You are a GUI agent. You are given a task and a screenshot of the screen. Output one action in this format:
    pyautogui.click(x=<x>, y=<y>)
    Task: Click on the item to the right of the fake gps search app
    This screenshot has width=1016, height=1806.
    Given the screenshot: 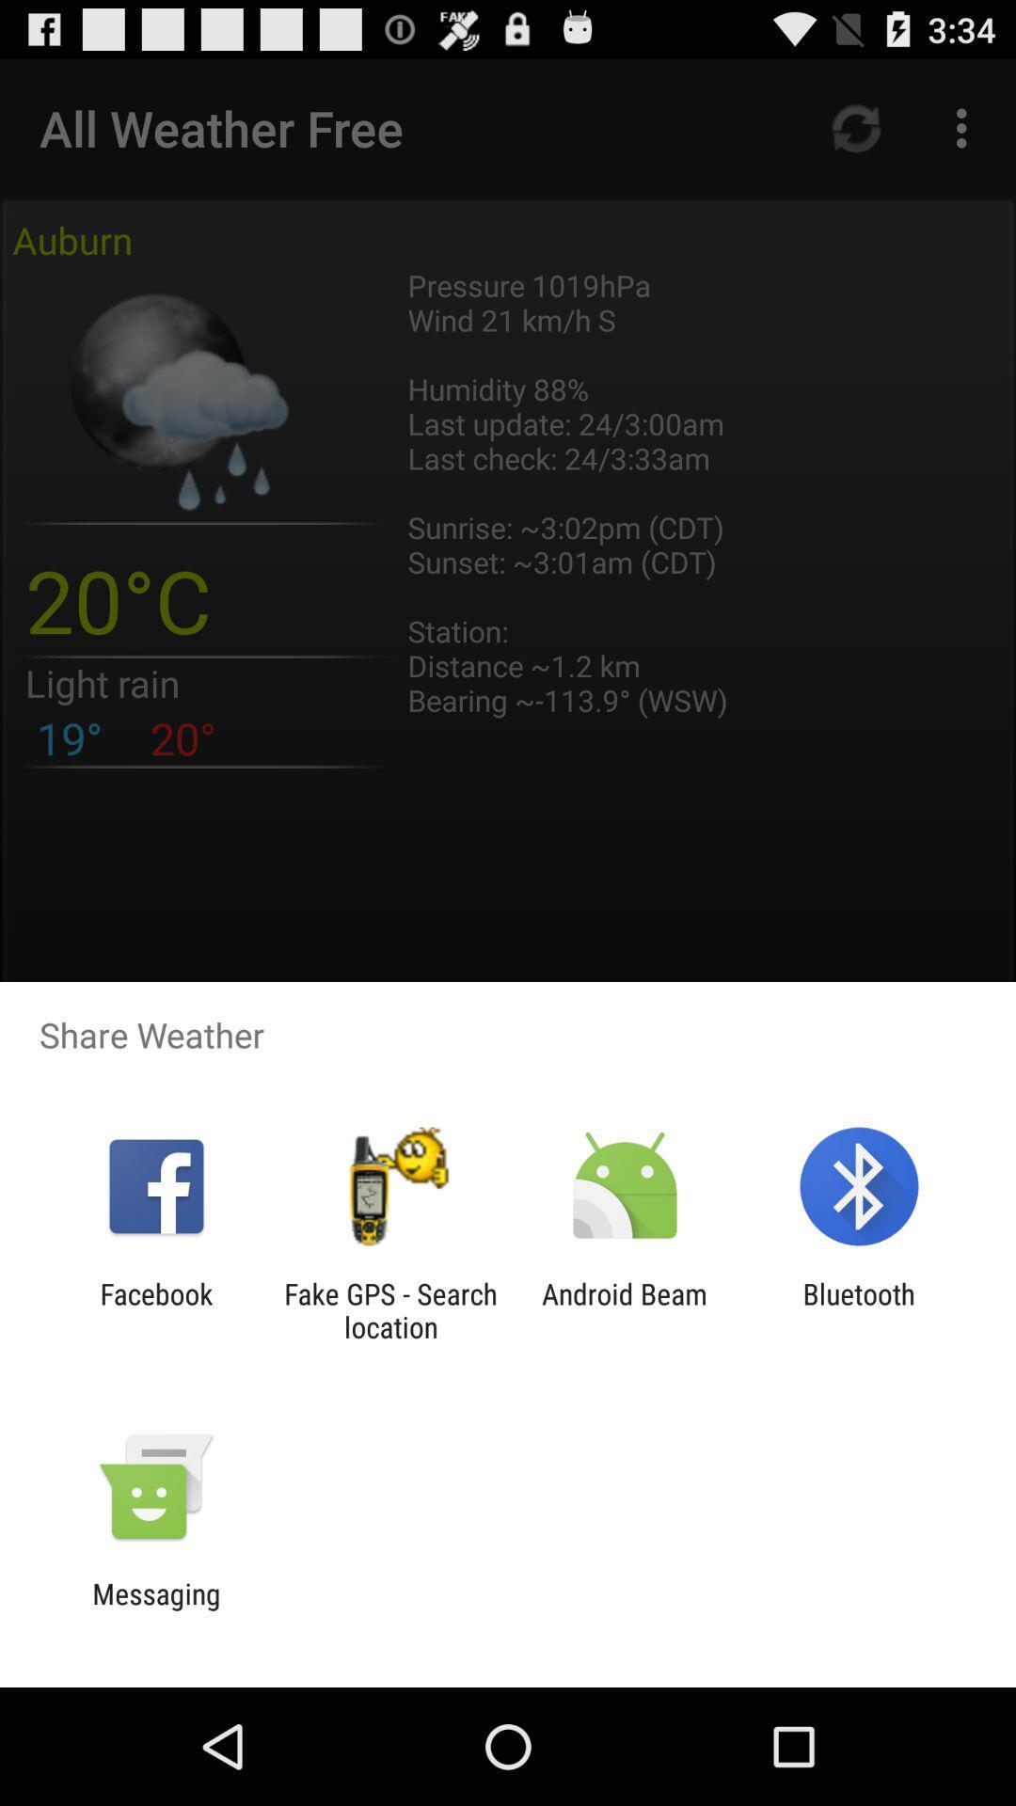 What is the action you would take?
    pyautogui.click(x=625, y=1309)
    